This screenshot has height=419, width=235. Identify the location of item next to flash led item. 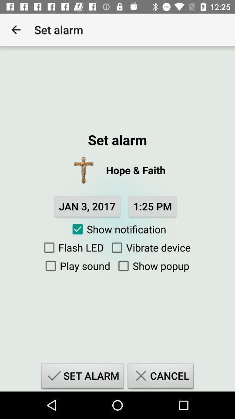
(148, 247).